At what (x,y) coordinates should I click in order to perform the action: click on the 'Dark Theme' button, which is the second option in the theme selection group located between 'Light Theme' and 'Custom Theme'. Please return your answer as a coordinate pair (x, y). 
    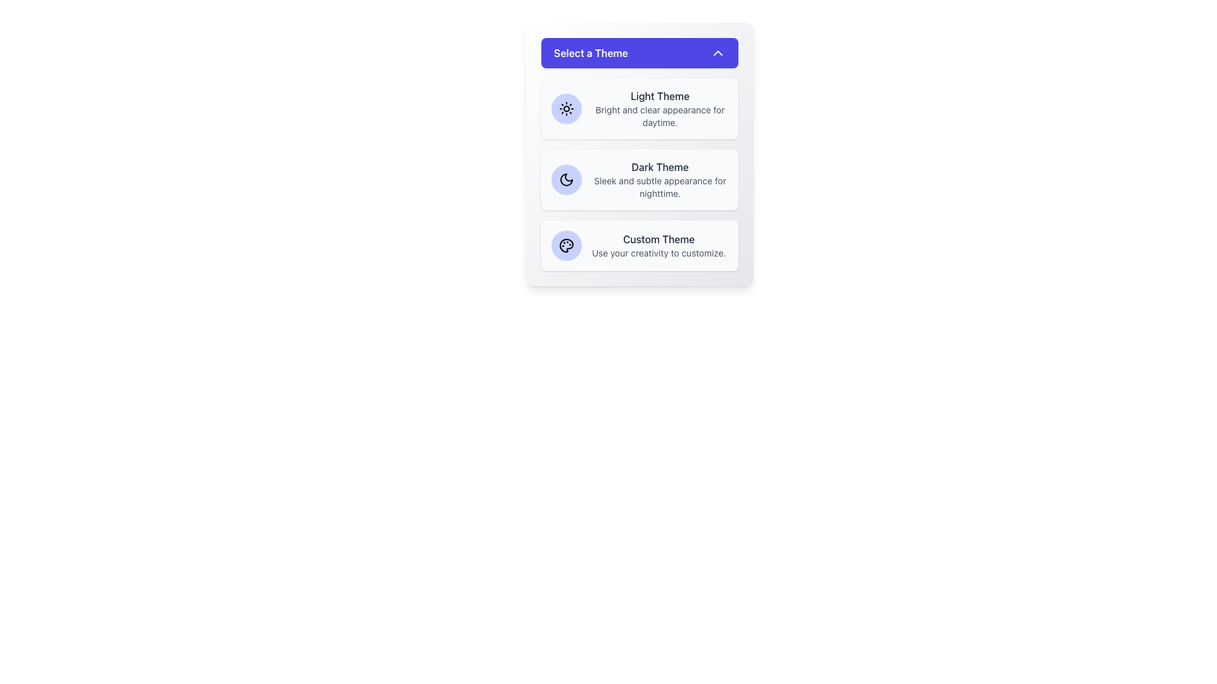
    Looking at the image, I should click on (640, 180).